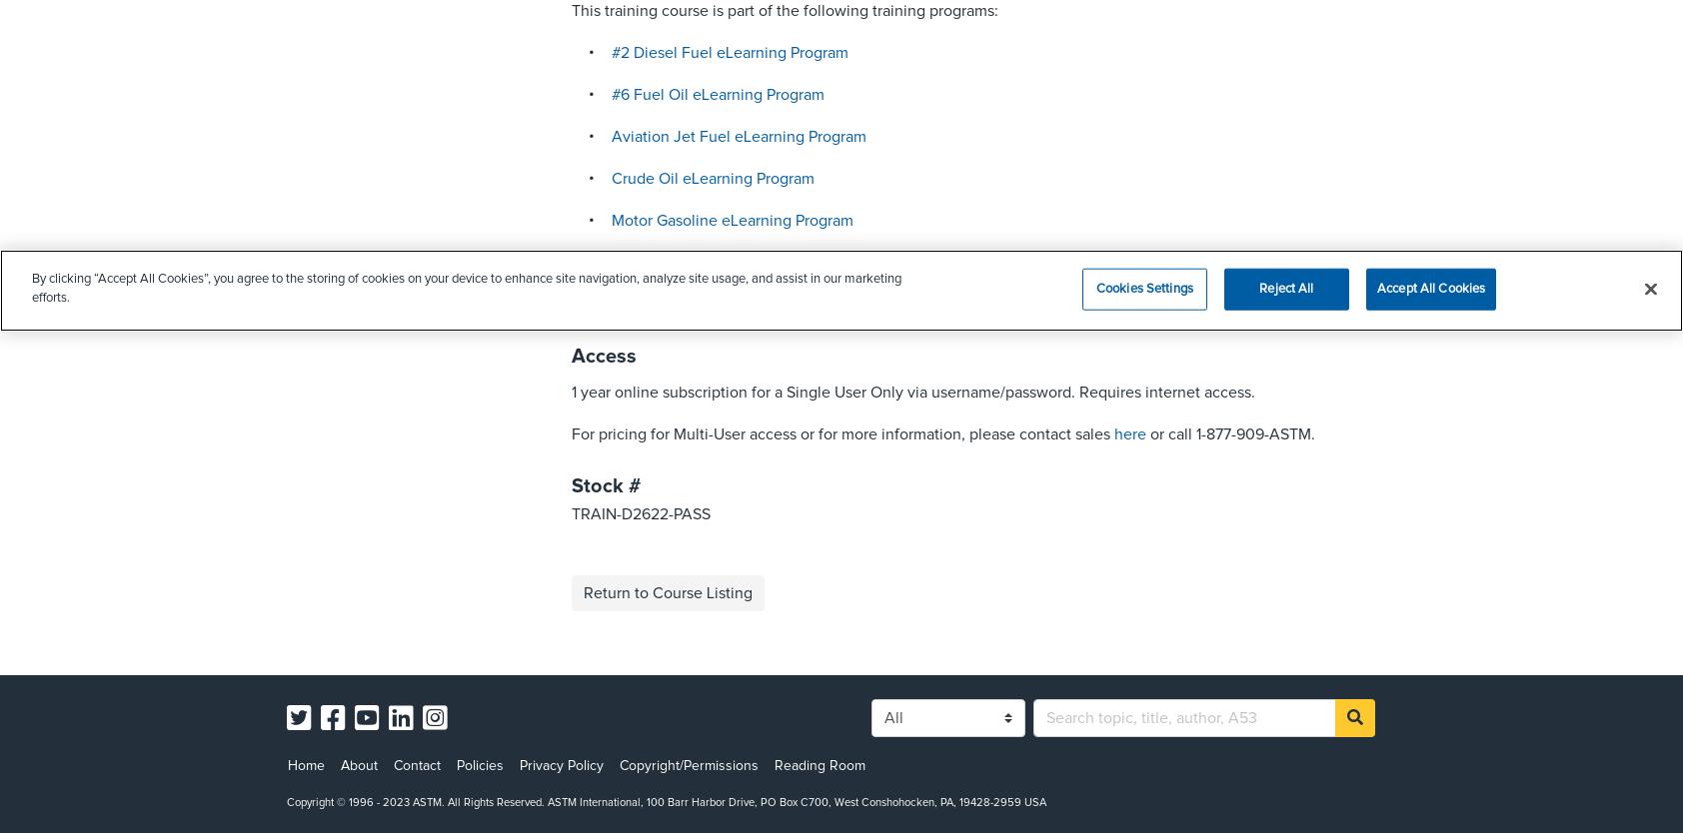  I want to click on 'here', so click(1129, 434).